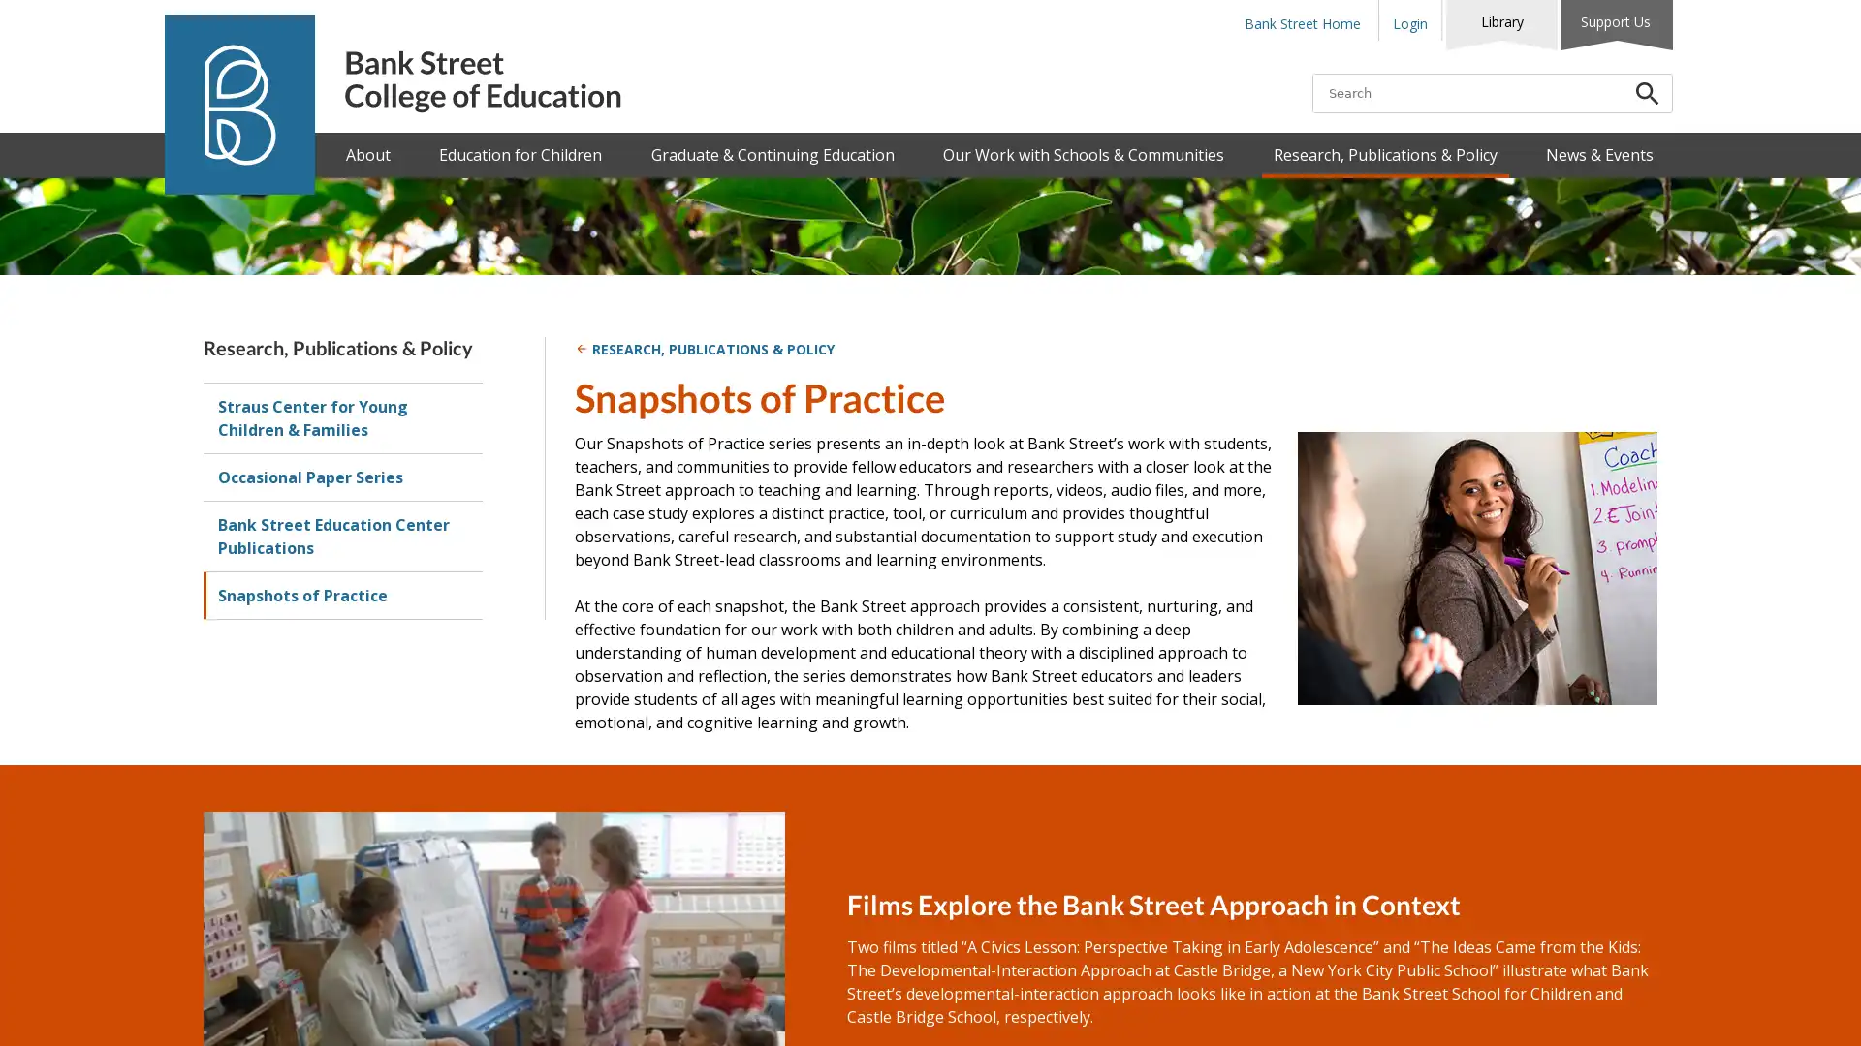 This screenshot has height=1046, width=1861. Describe the element at coordinates (1646, 93) in the screenshot. I see `Search` at that location.